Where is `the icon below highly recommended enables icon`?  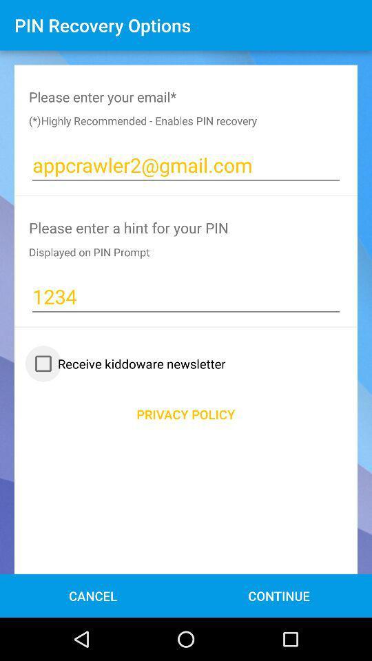
the icon below highly recommended enables icon is located at coordinates (186, 165).